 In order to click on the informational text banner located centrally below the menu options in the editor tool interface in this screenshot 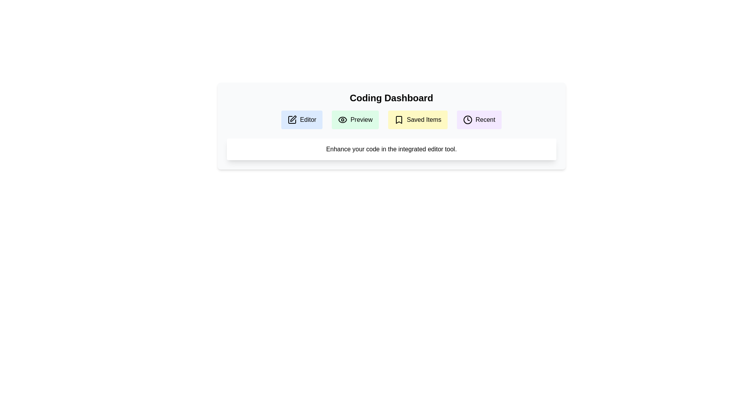, I will do `click(391, 149)`.